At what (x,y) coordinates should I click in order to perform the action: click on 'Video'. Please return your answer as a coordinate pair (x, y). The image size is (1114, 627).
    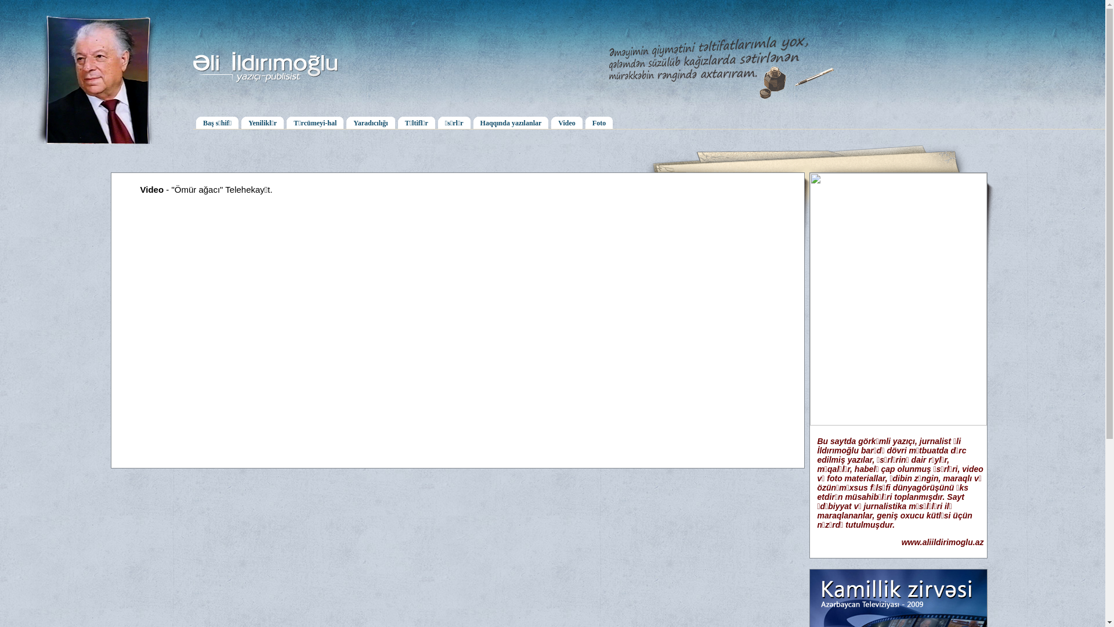
    Looking at the image, I should click on (567, 122).